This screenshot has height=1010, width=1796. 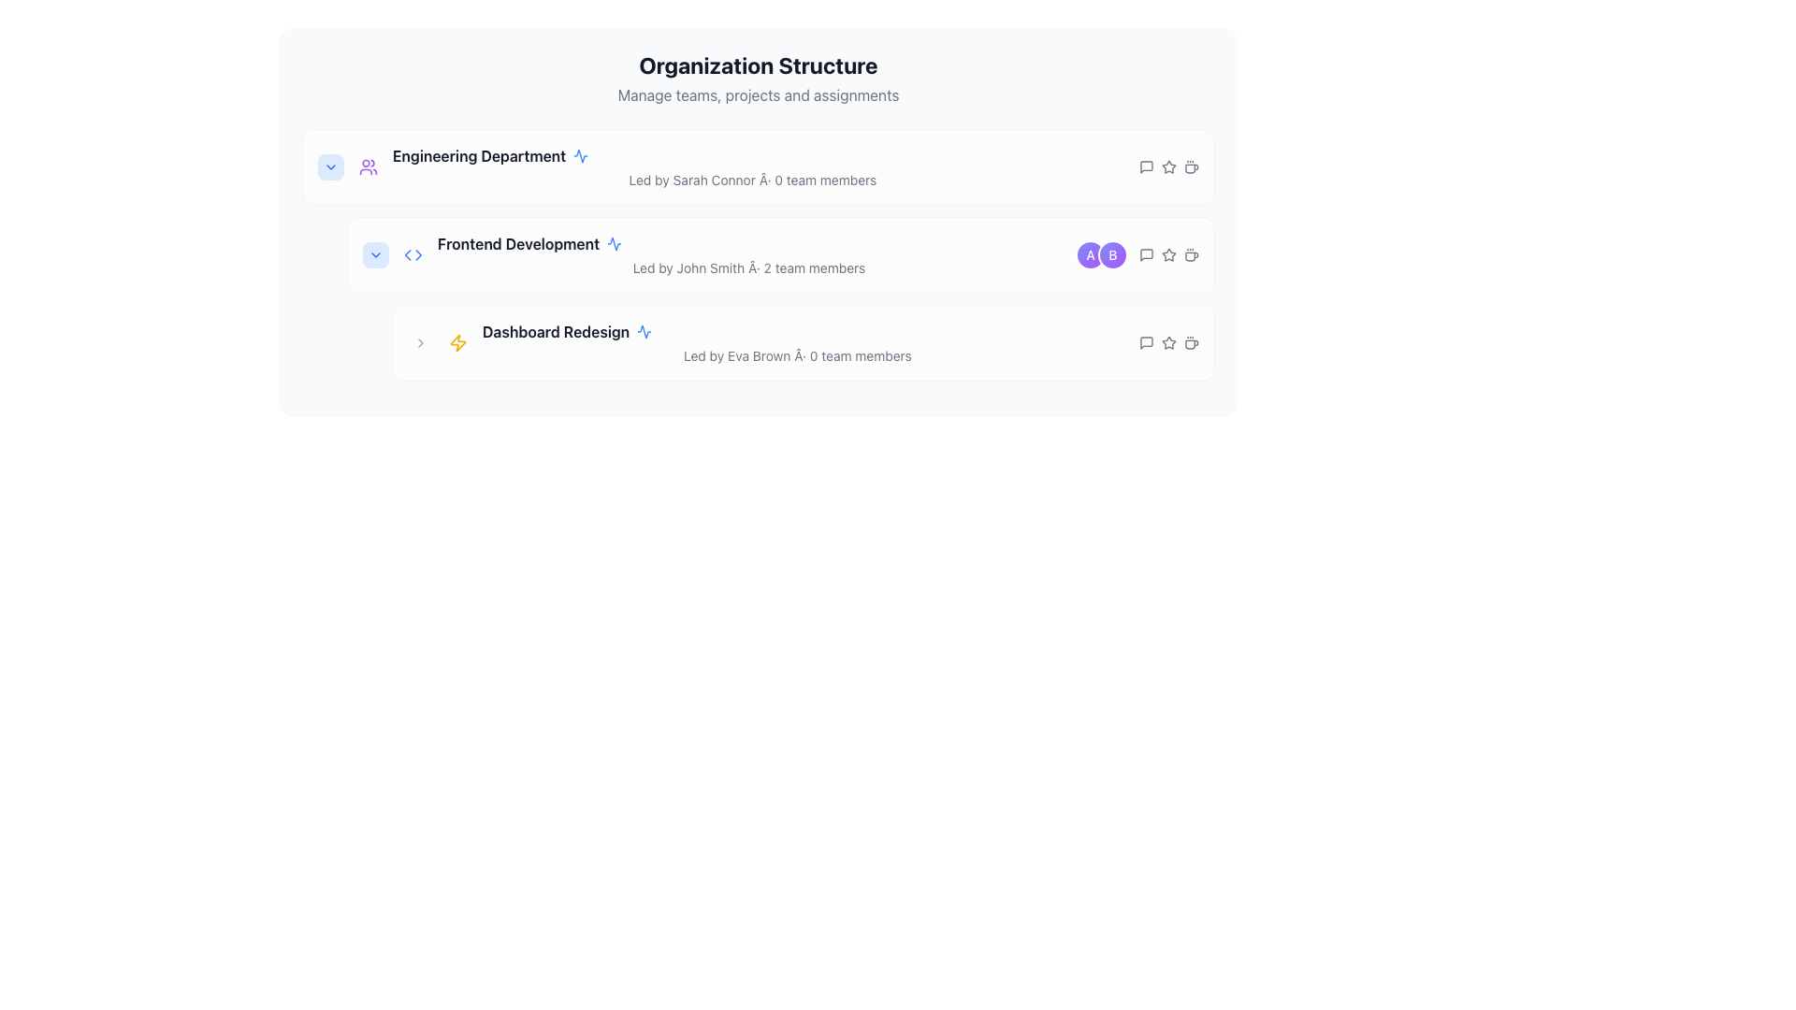 What do you see at coordinates (1167, 166) in the screenshot?
I see `the star-shaped outline icon located to the right of the 'Frontend Development' section to mark it as a favorite` at bounding box center [1167, 166].